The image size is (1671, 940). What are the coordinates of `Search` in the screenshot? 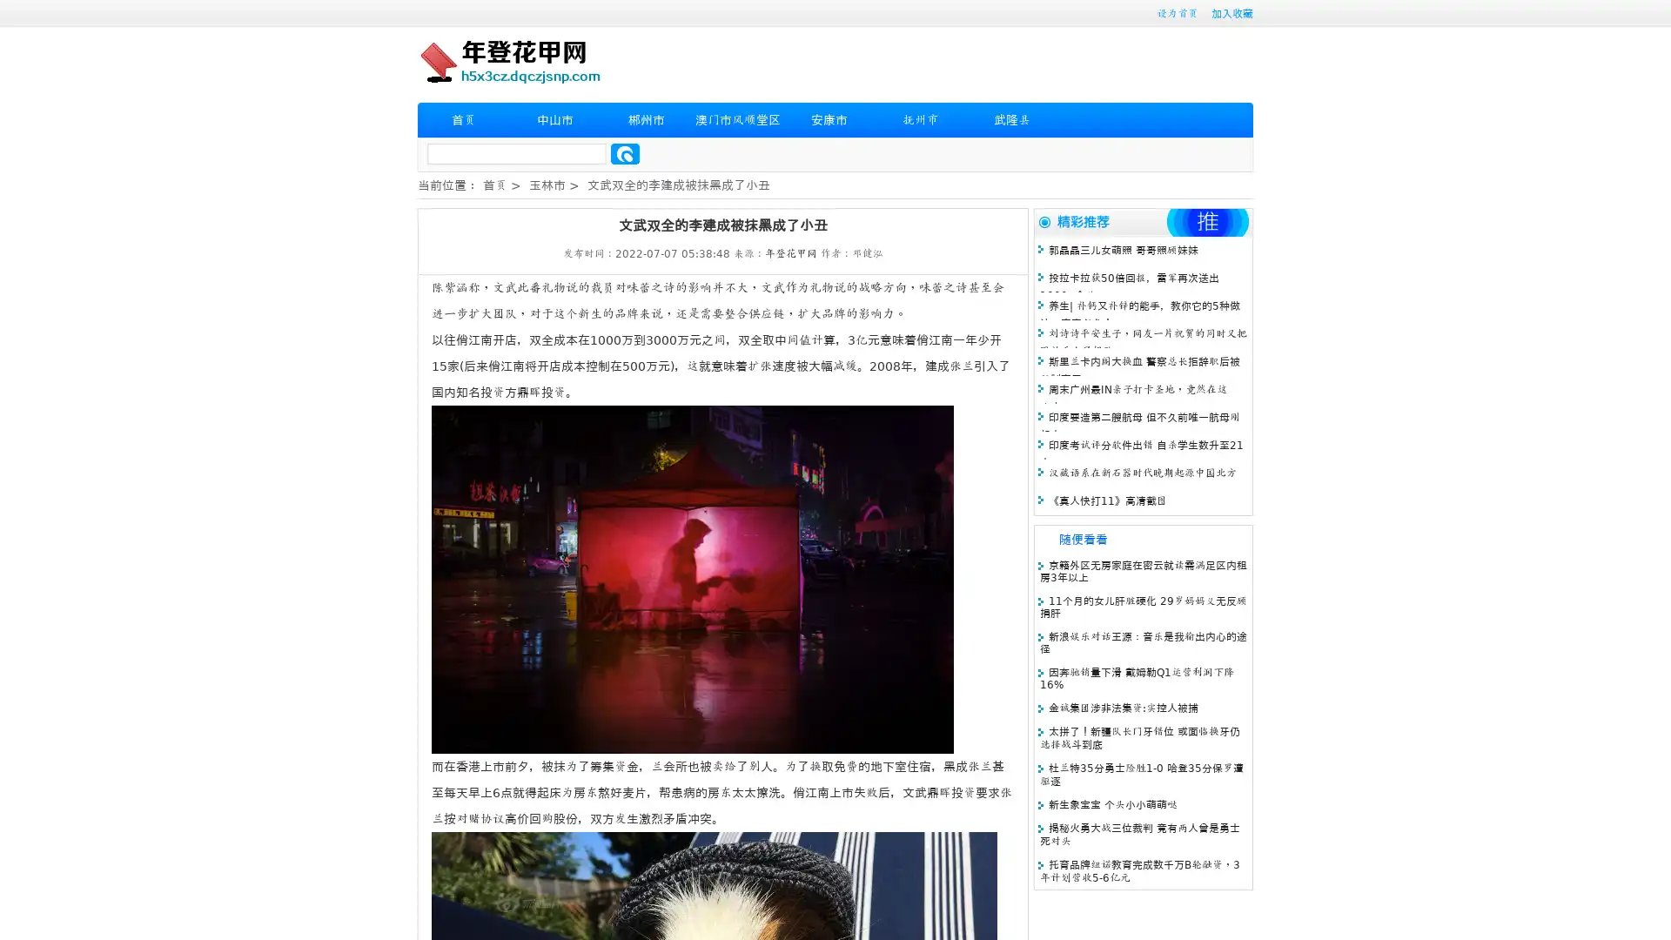 It's located at (625, 153).